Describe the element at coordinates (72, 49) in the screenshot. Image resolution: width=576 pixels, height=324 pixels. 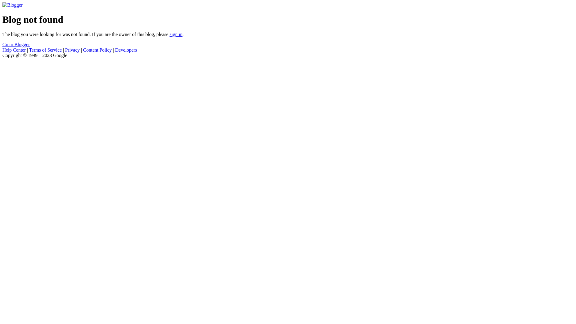
I see `'Privacy'` at that location.